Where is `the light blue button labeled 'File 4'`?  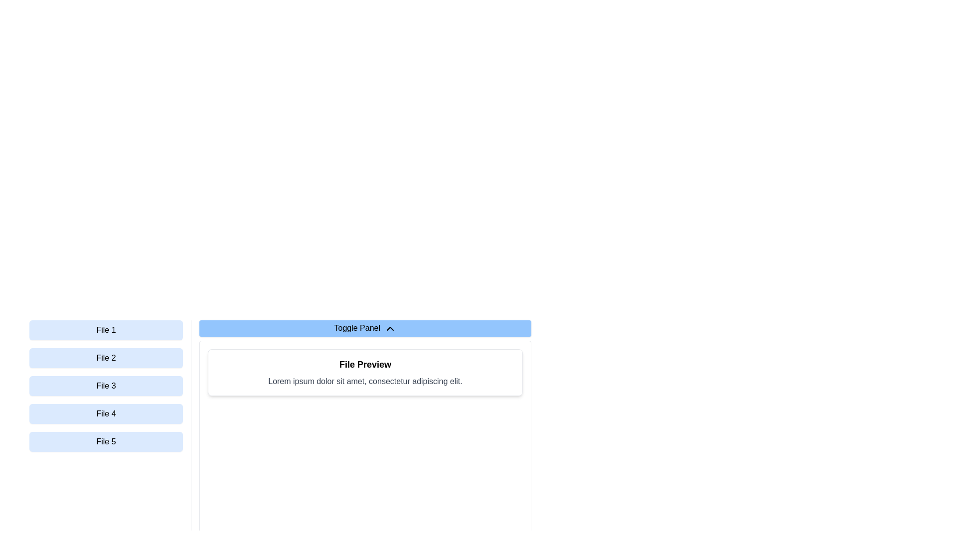
the light blue button labeled 'File 4' is located at coordinates (106, 413).